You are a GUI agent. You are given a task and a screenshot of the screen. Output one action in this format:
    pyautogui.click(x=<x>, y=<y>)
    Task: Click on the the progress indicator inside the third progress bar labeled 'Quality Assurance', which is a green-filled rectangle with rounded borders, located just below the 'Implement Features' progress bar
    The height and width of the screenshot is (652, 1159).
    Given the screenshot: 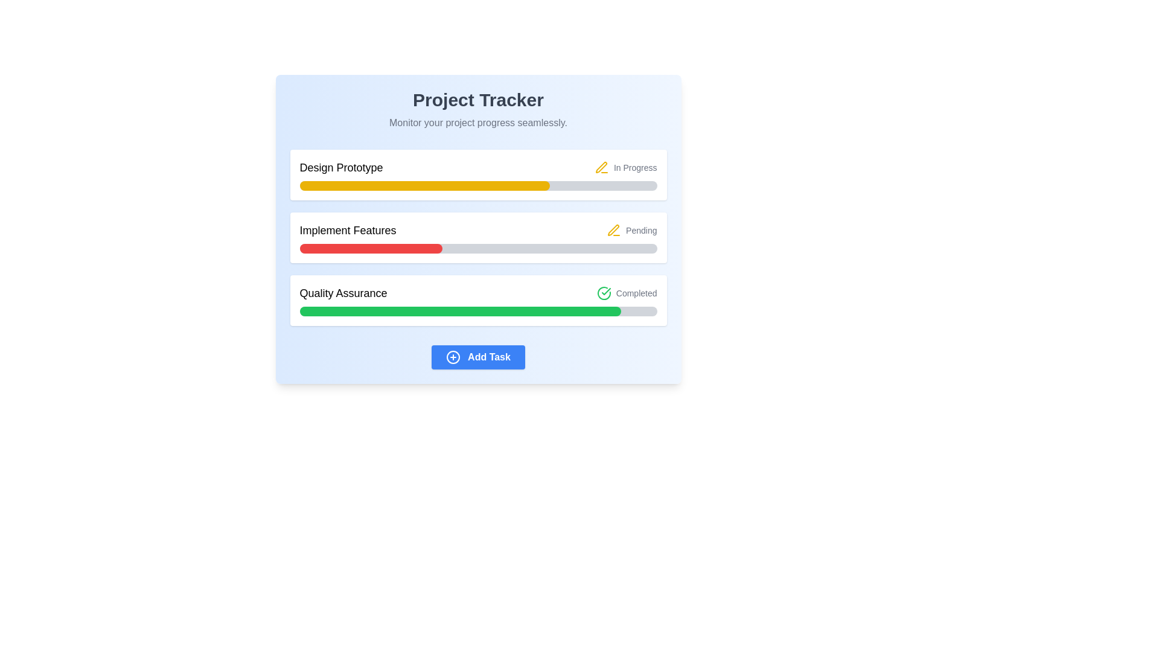 What is the action you would take?
    pyautogui.click(x=459, y=311)
    